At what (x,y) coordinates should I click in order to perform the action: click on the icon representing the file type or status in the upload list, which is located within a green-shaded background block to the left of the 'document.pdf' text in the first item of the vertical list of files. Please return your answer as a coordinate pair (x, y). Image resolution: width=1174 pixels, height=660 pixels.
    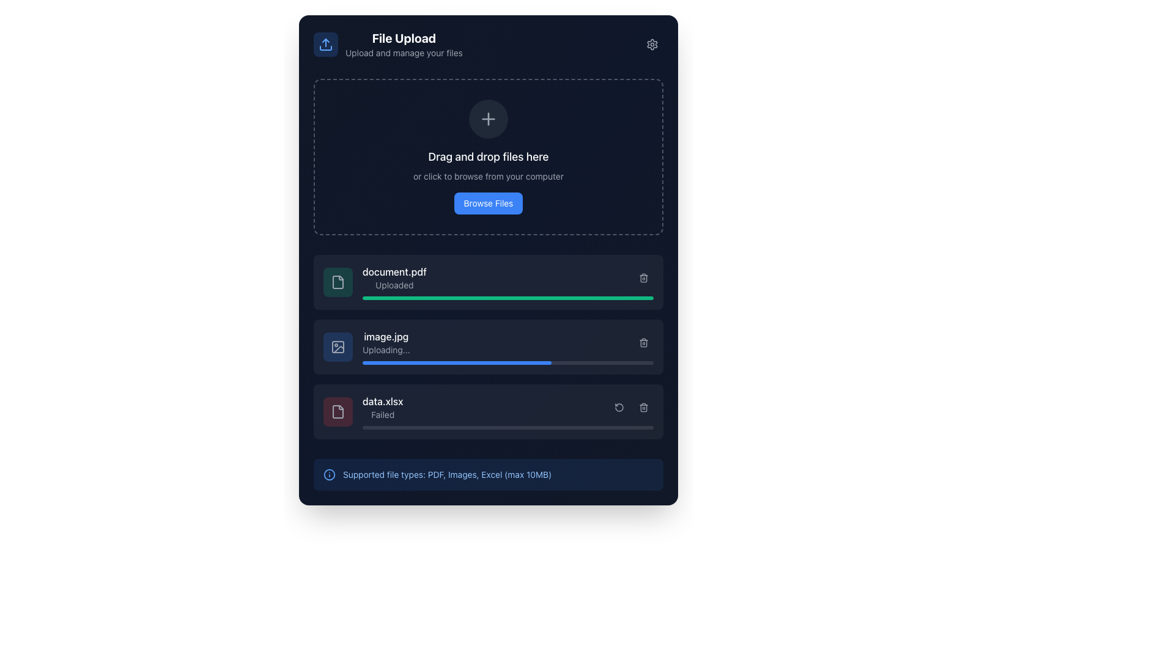
    Looking at the image, I should click on (338, 282).